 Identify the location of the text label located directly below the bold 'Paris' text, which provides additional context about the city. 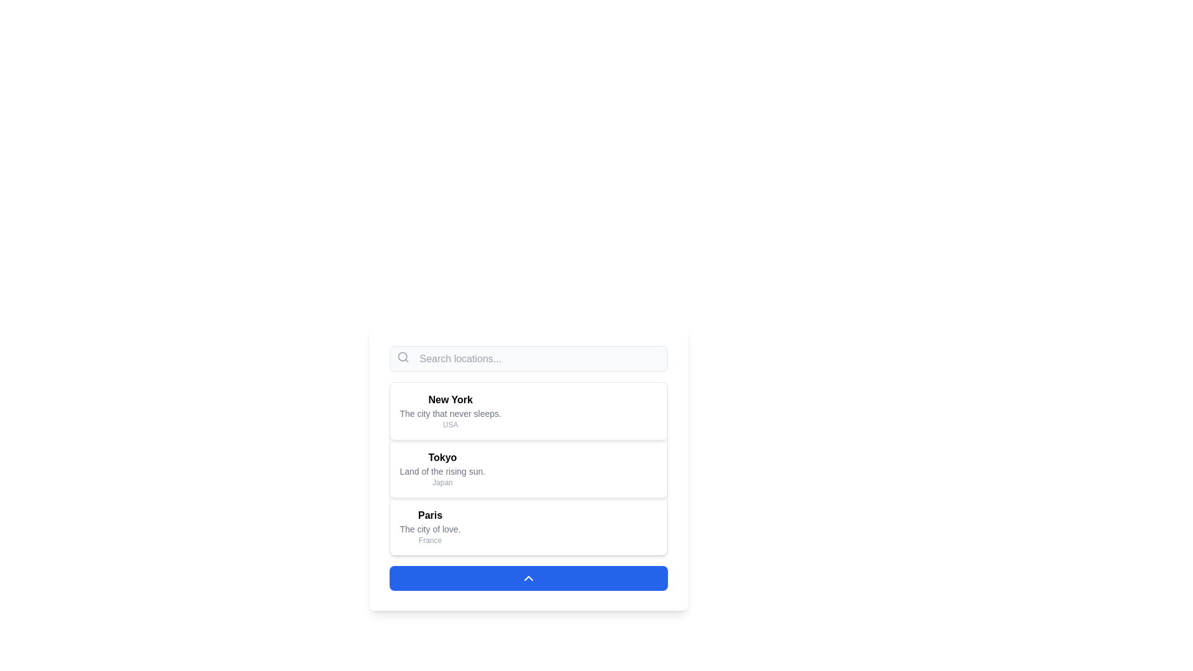
(430, 529).